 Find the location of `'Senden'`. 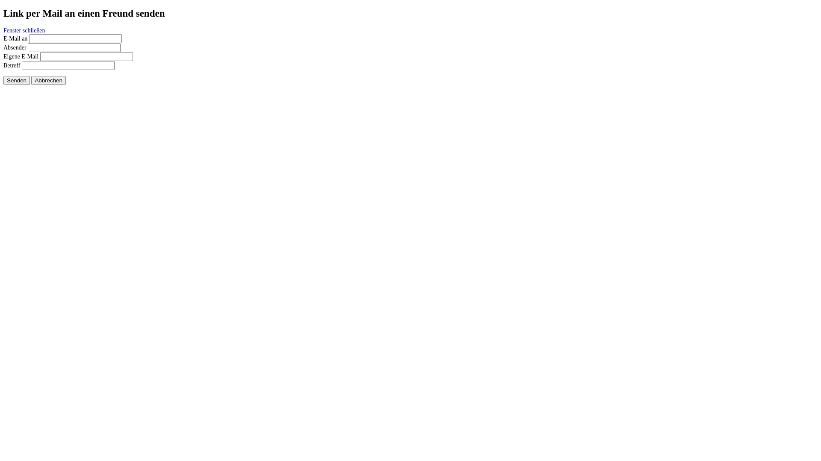

'Senden' is located at coordinates (16, 80).